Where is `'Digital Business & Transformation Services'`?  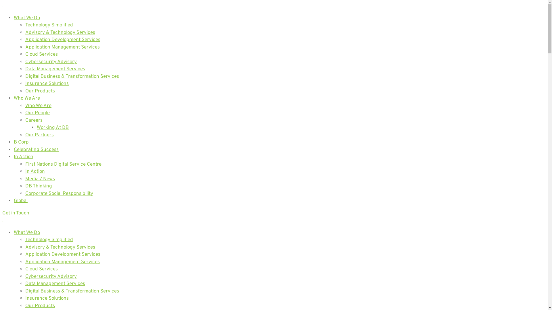
'Digital Business & Transformation Services' is located at coordinates (72, 291).